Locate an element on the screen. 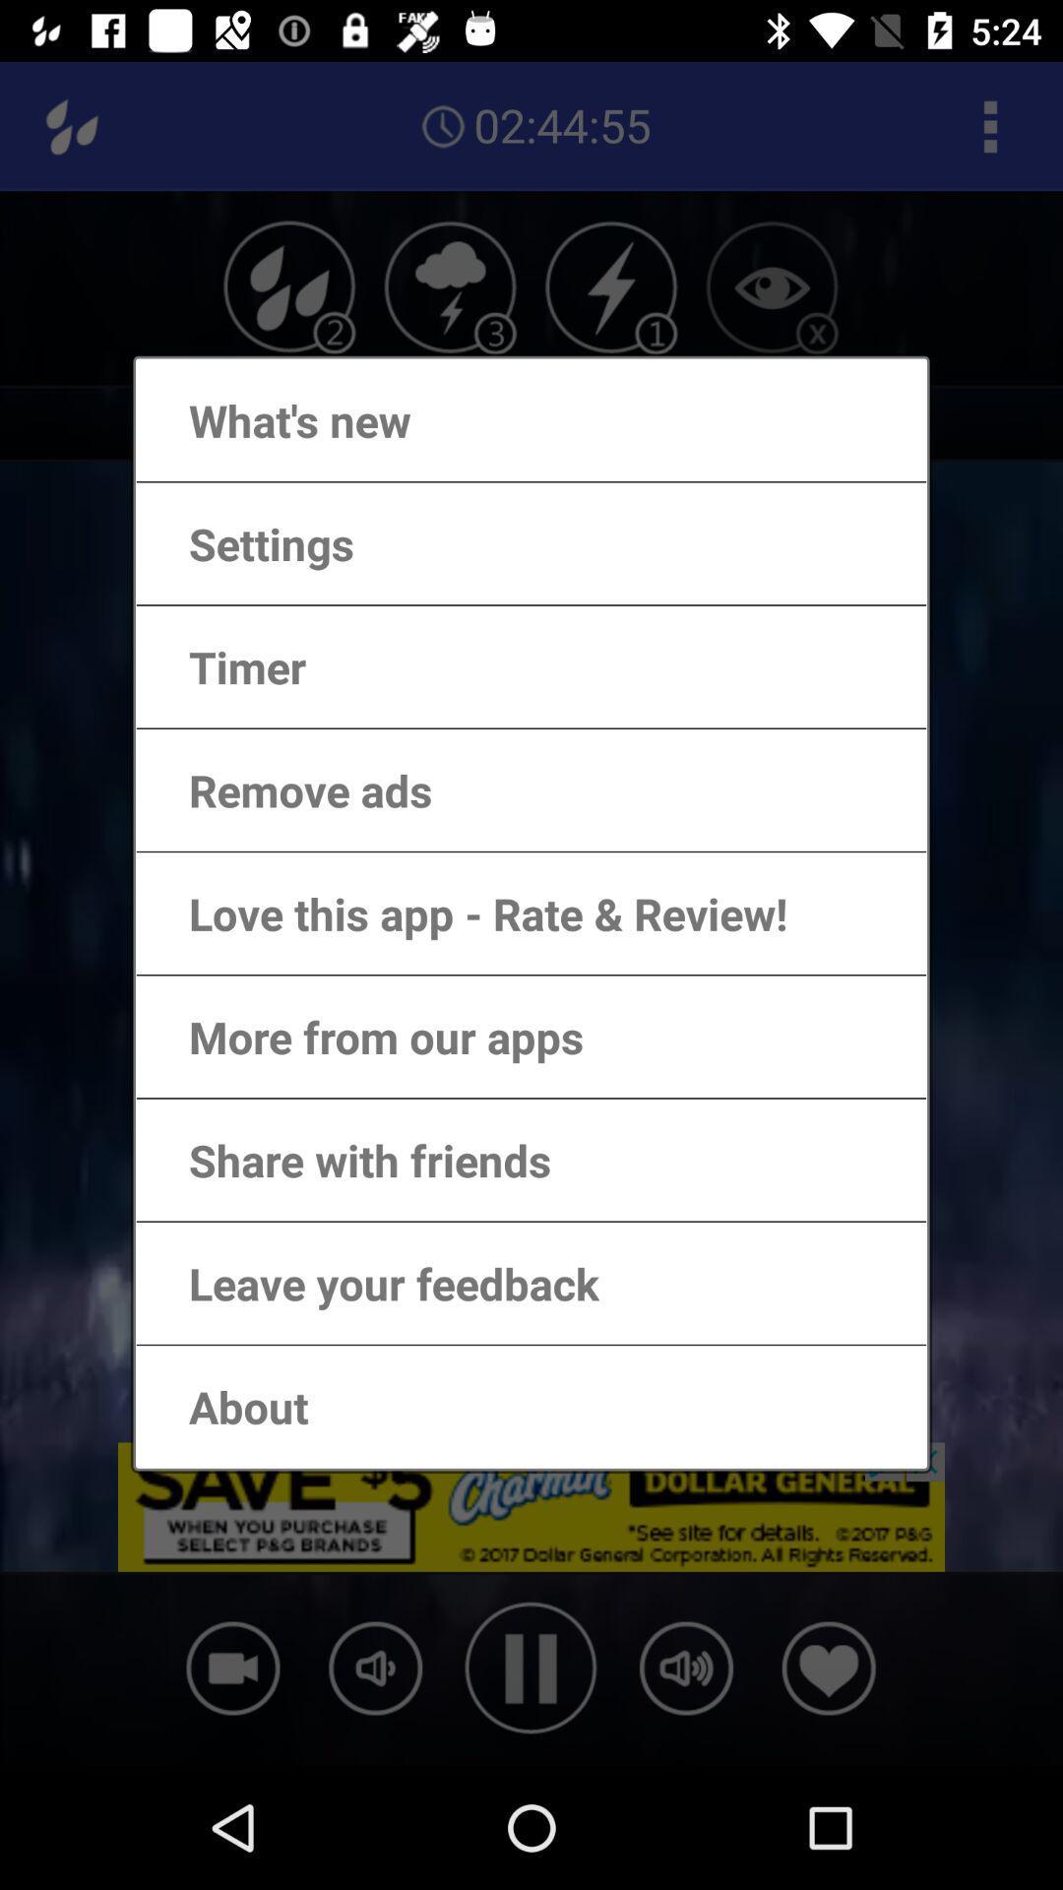  the app below the more from our item is located at coordinates (349, 1160).